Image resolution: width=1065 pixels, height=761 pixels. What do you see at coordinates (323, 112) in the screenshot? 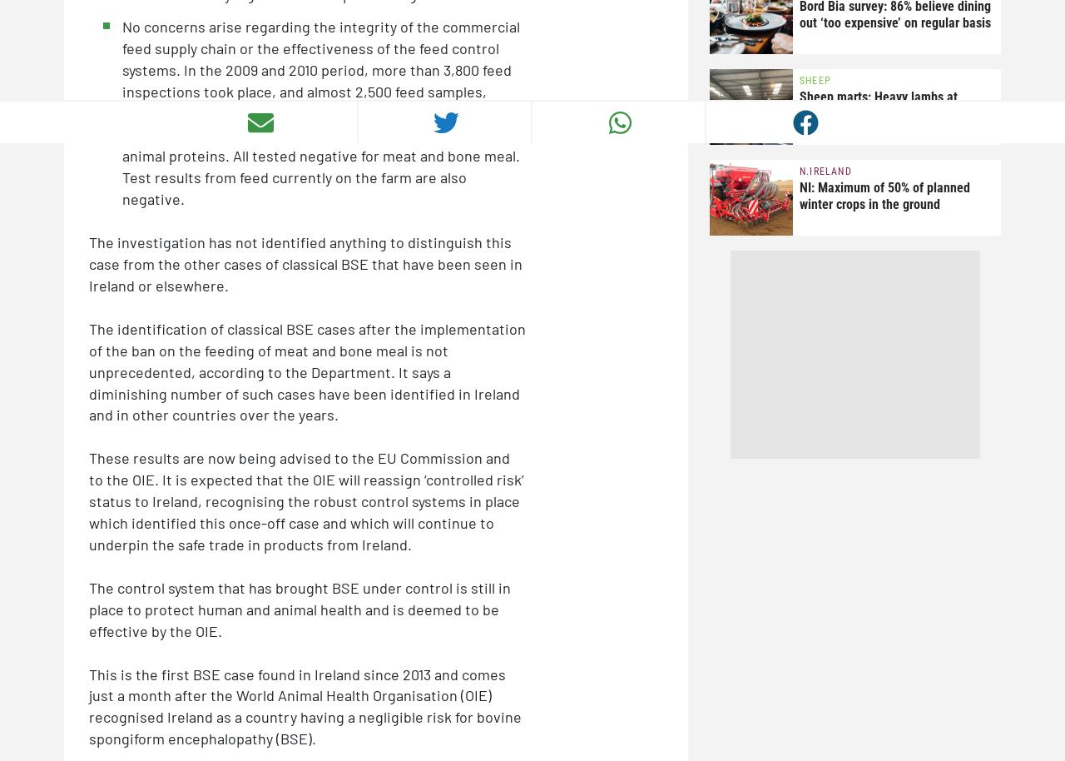
I see `'No concerns arise regarding the integrity of the commercial feed supply chain or the effectiveness of the feed control systems. In the 2009 and 2010 period, more than 3,800 feed inspections took place, and almost 2,500 feed samples, including 52 from suppliers to the farm on which the positive case was found, were tested for the presence of processed animal proteins. All tested negative for meat and bone meal. Test results from feed currently on the farm are also negative.'` at bounding box center [323, 112].